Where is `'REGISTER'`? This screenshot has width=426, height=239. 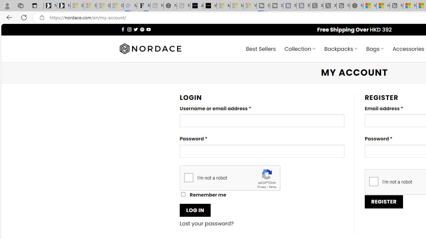 'REGISTER' is located at coordinates (384, 201).